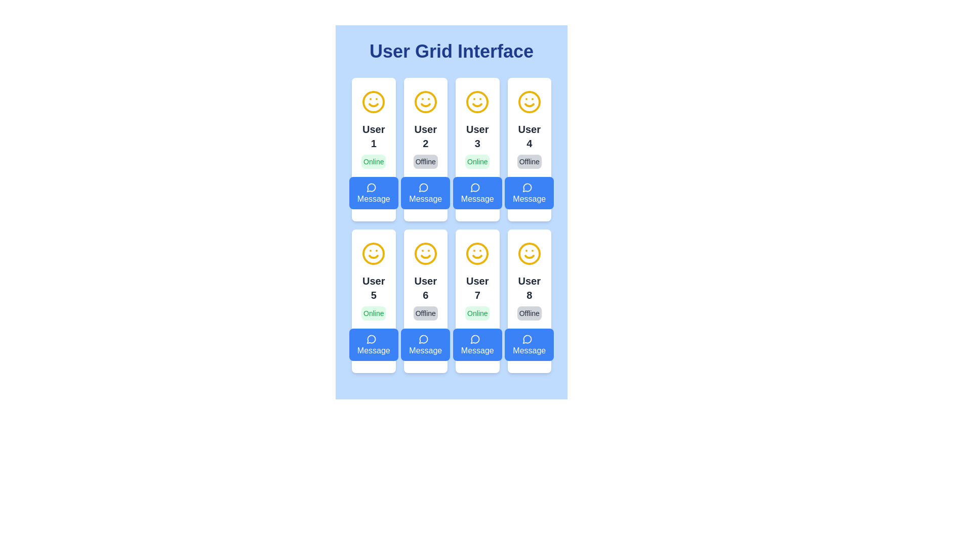 This screenshot has width=972, height=546. What do you see at coordinates (529, 102) in the screenshot?
I see `the yellow circular outline icon resembling a smiling face located in the top-right corner of the 'User 4' card, above the 'Offline' and 'Message' labels` at bounding box center [529, 102].